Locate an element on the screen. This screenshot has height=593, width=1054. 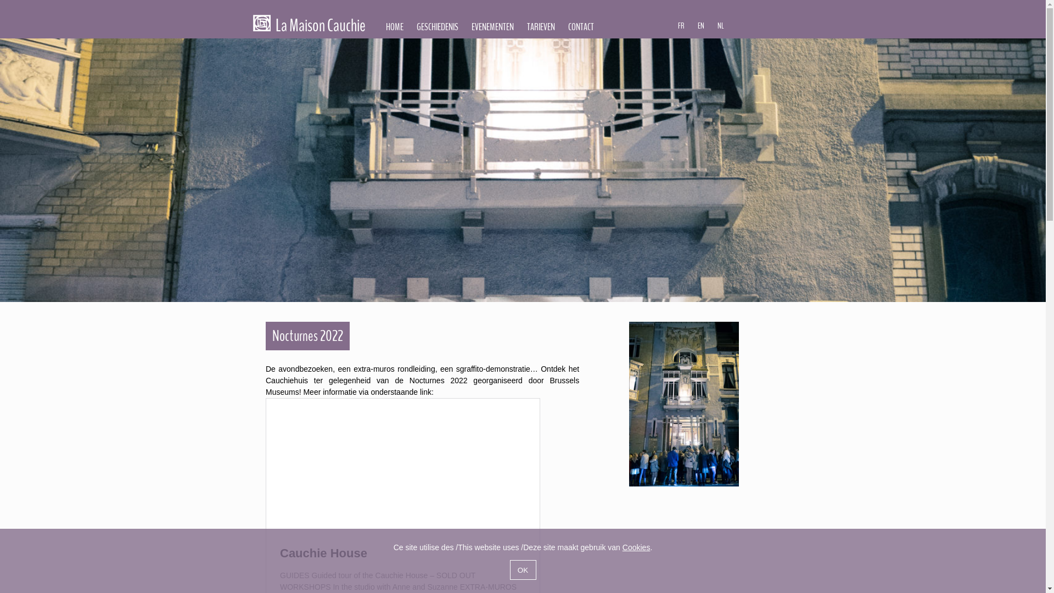
'Cookies' is located at coordinates (636, 547).